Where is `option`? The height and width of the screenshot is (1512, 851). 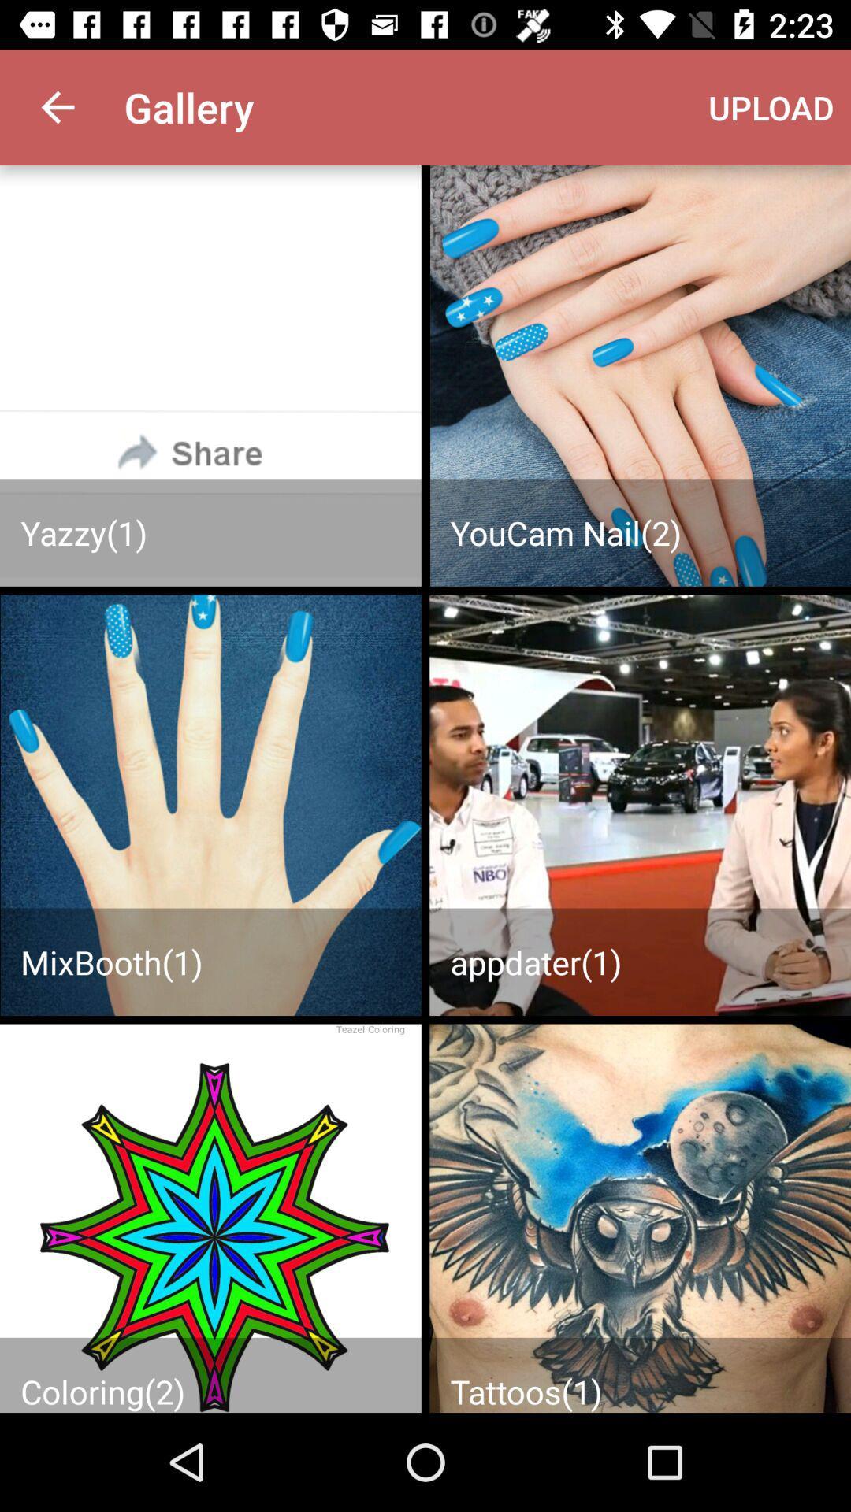 option is located at coordinates (210, 1217).